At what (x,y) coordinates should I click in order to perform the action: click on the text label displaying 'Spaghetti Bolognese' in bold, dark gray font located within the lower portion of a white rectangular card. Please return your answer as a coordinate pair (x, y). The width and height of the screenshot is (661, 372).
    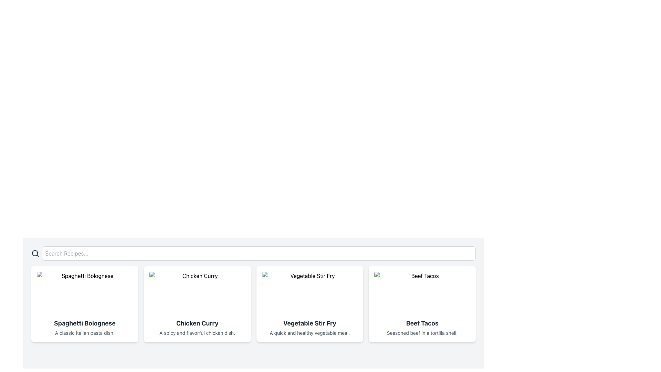
    Looking at the image, I should click on (84, 323).